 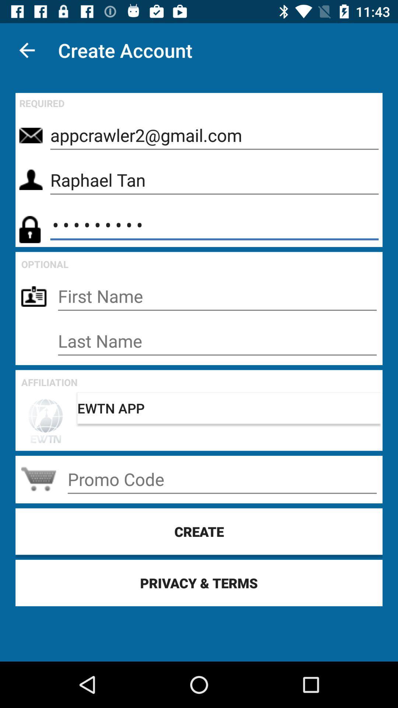 I want to click on the ewtn app item, so click(x=228, y=408).